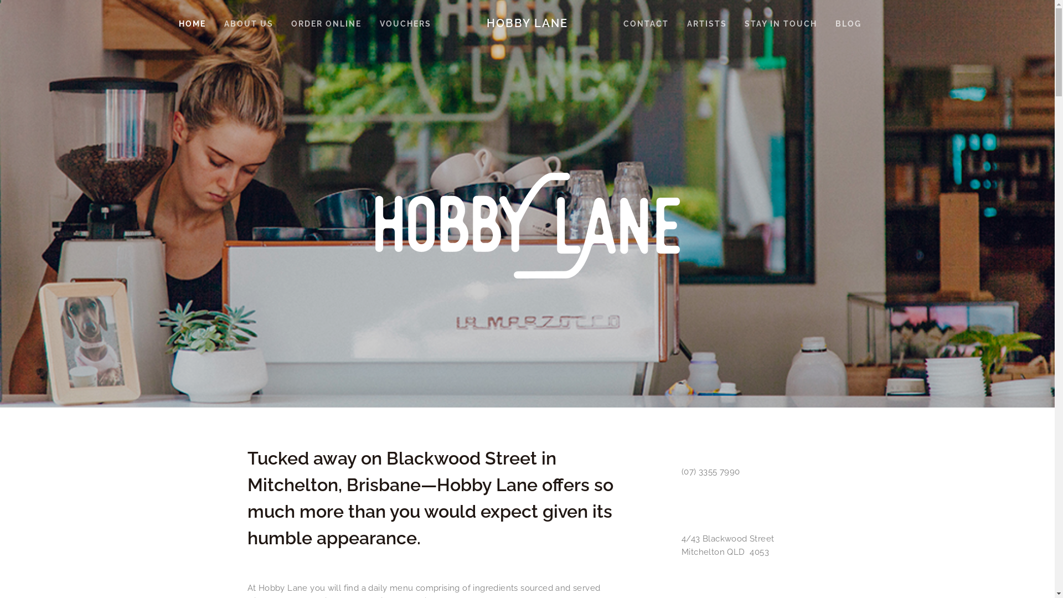 The height and width of the screenshot is (598, 1063). I want to click on 'STAY IN TOUCH', so click(780, 23).